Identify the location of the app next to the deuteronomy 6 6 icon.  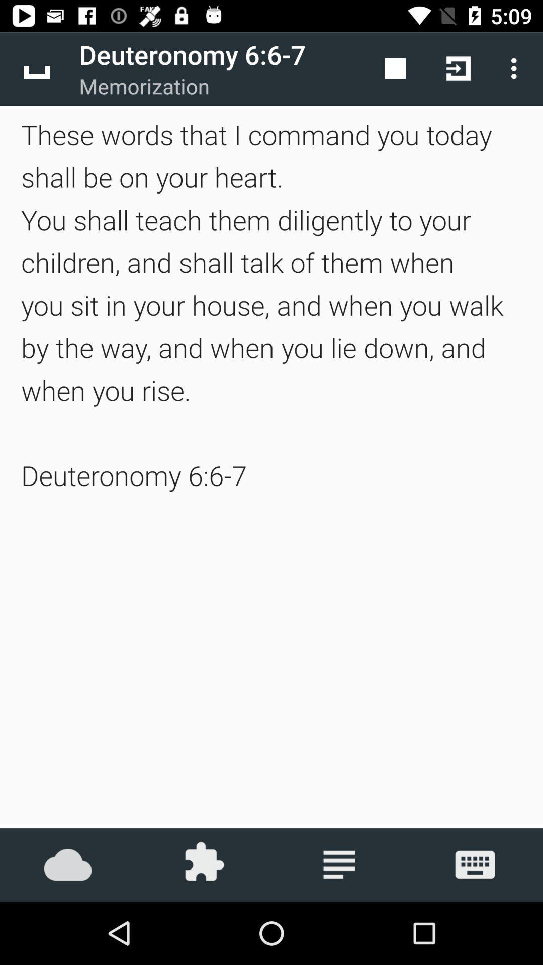
(395, 68).